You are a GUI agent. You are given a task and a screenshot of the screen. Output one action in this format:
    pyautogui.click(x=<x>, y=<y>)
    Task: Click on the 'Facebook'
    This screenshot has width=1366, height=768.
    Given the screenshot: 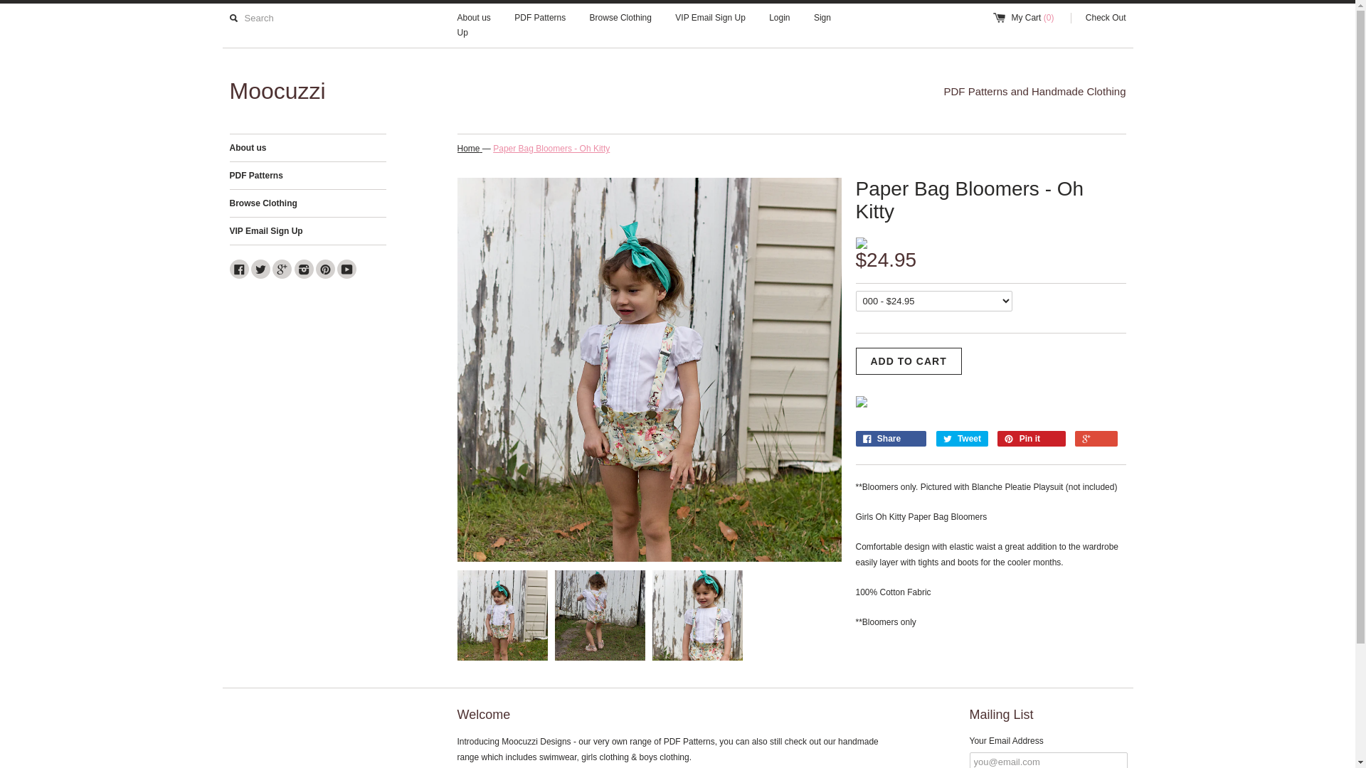 What is the action you would take?
    pyautogui.click(x=228, y=269)
    